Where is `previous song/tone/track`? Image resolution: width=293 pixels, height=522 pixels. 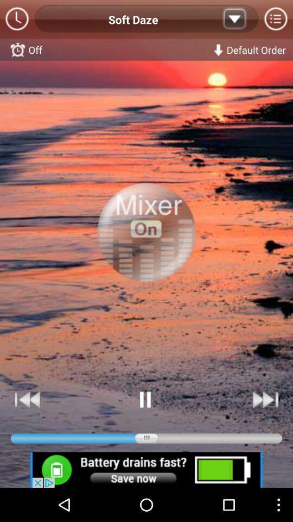 previous song/tone/track is located at coordinates (28, 399).